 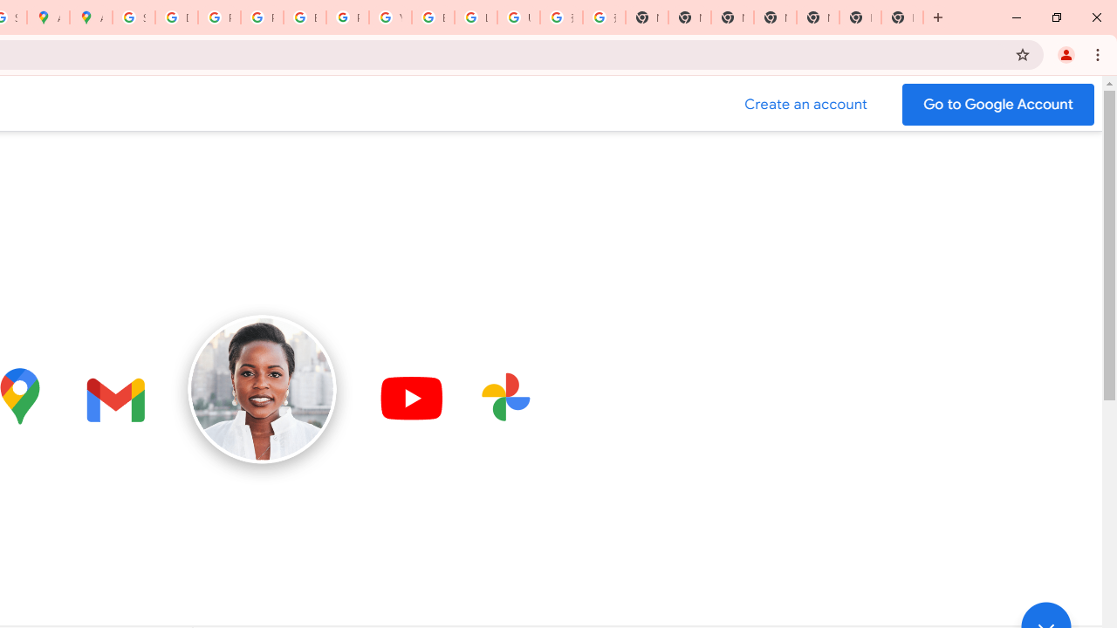 What do you see at coordinates (805, 104) in the screenshot?
I see `'Create a Google Account'` at bounding box center [805, 104].